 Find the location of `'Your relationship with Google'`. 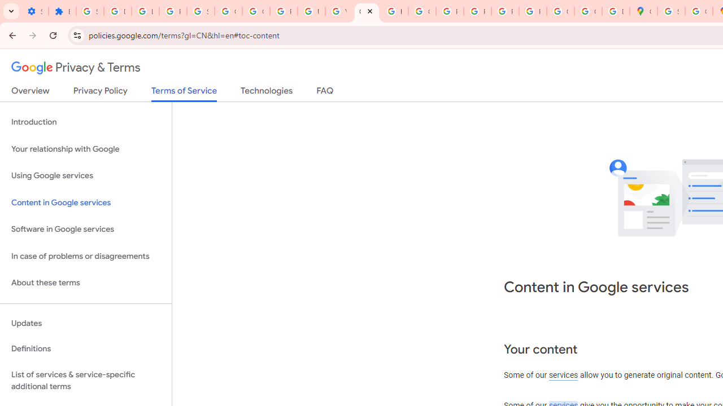

'Your relationship with Google' is located at coordinates (85, 148).